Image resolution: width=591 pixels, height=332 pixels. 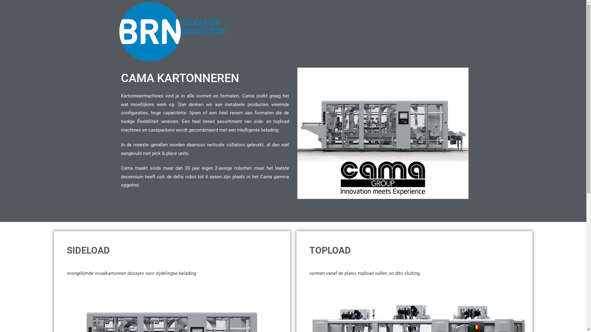 I want to click on 'CONTACT', so click(x=449, y=22).